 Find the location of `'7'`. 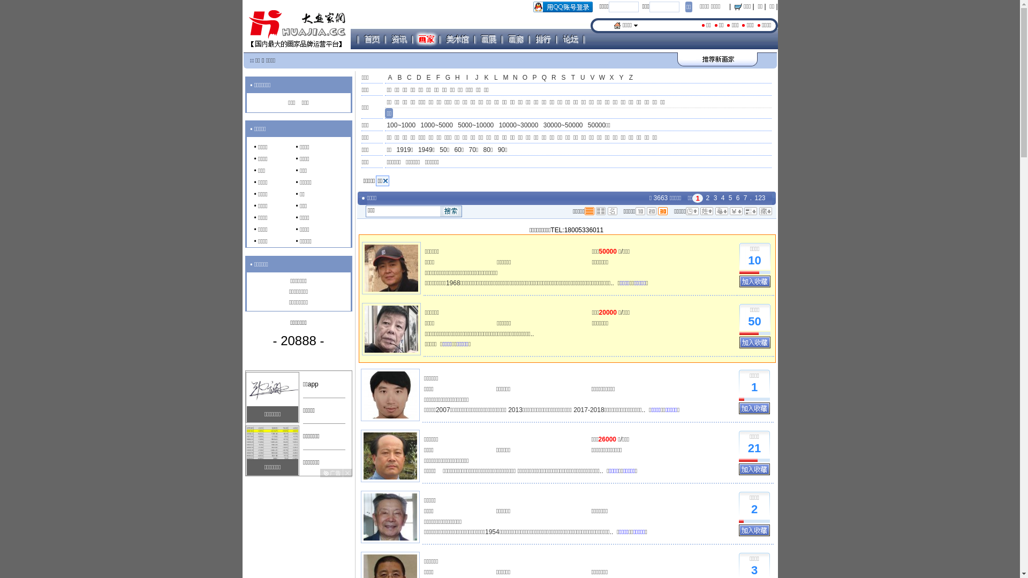

'7' is located at coordinates (742, 198).